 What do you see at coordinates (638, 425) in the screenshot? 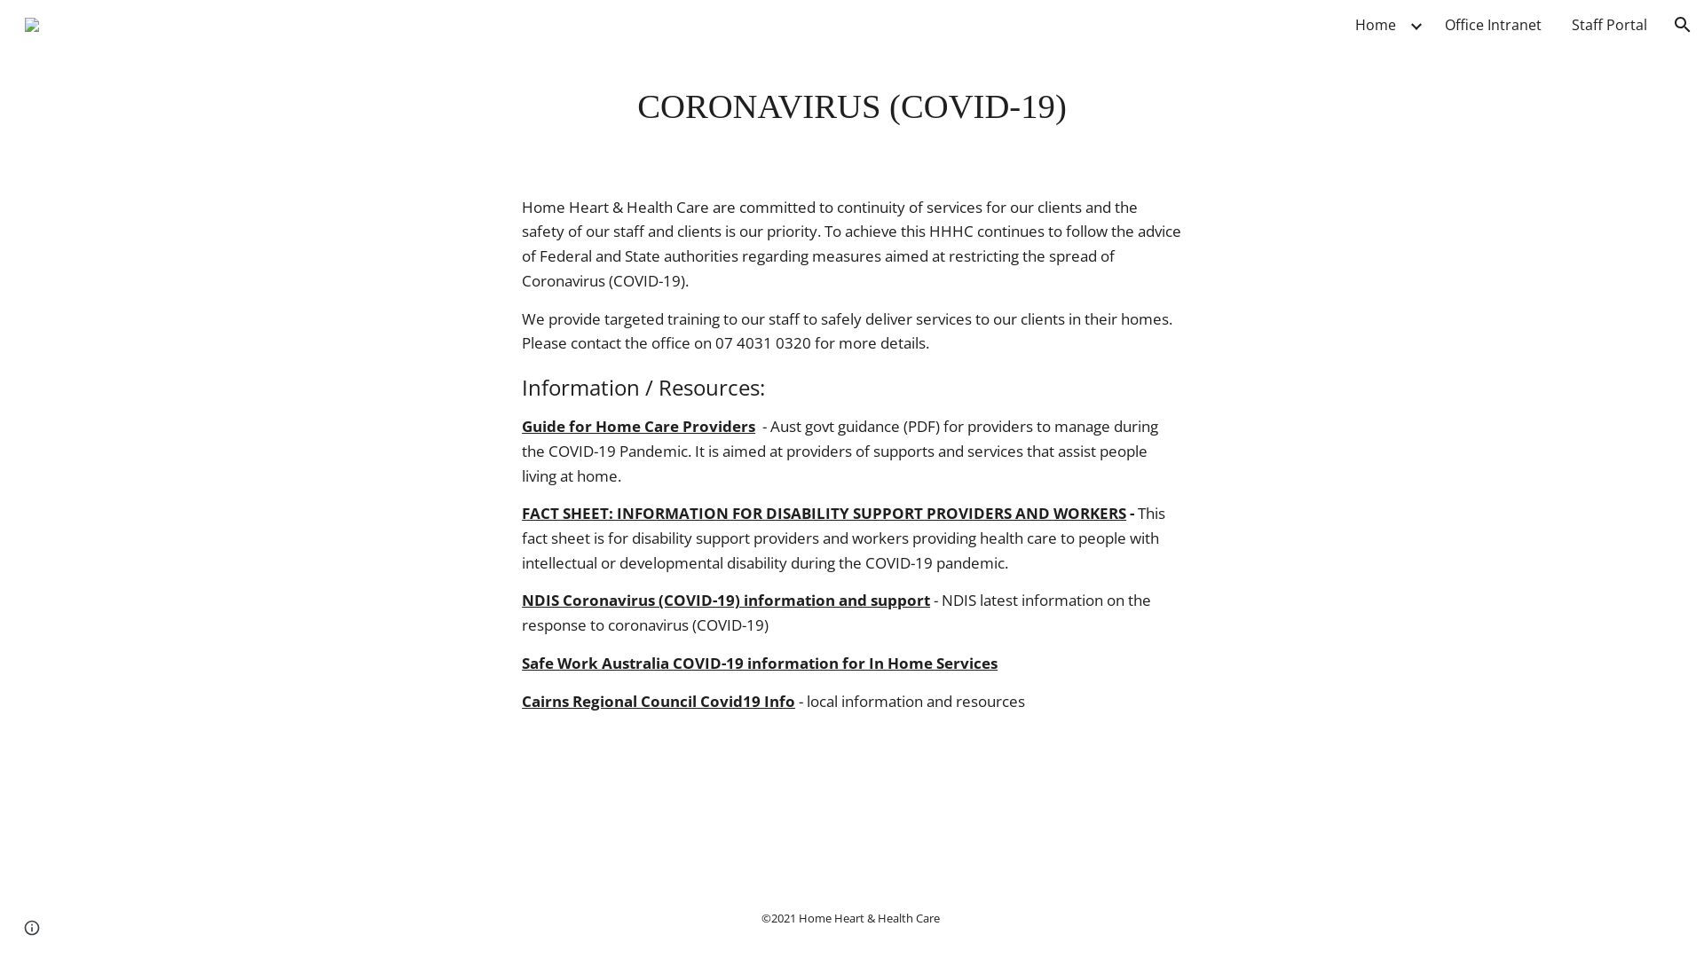
I see `'Guide for Home Care Providers'` at bounding box center [638, 425].